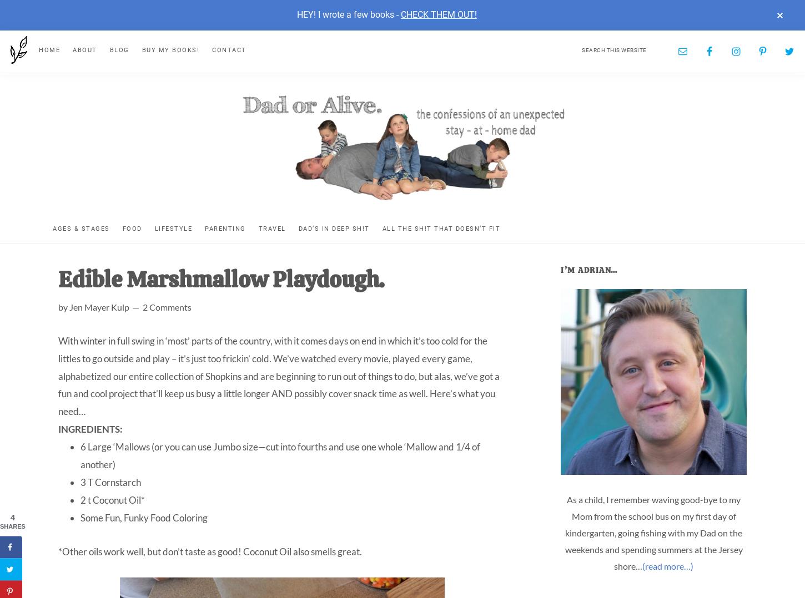 The width and height of the screenshot is (805, 598). I want to click on 'Ages & Stages', so click(52, 227).